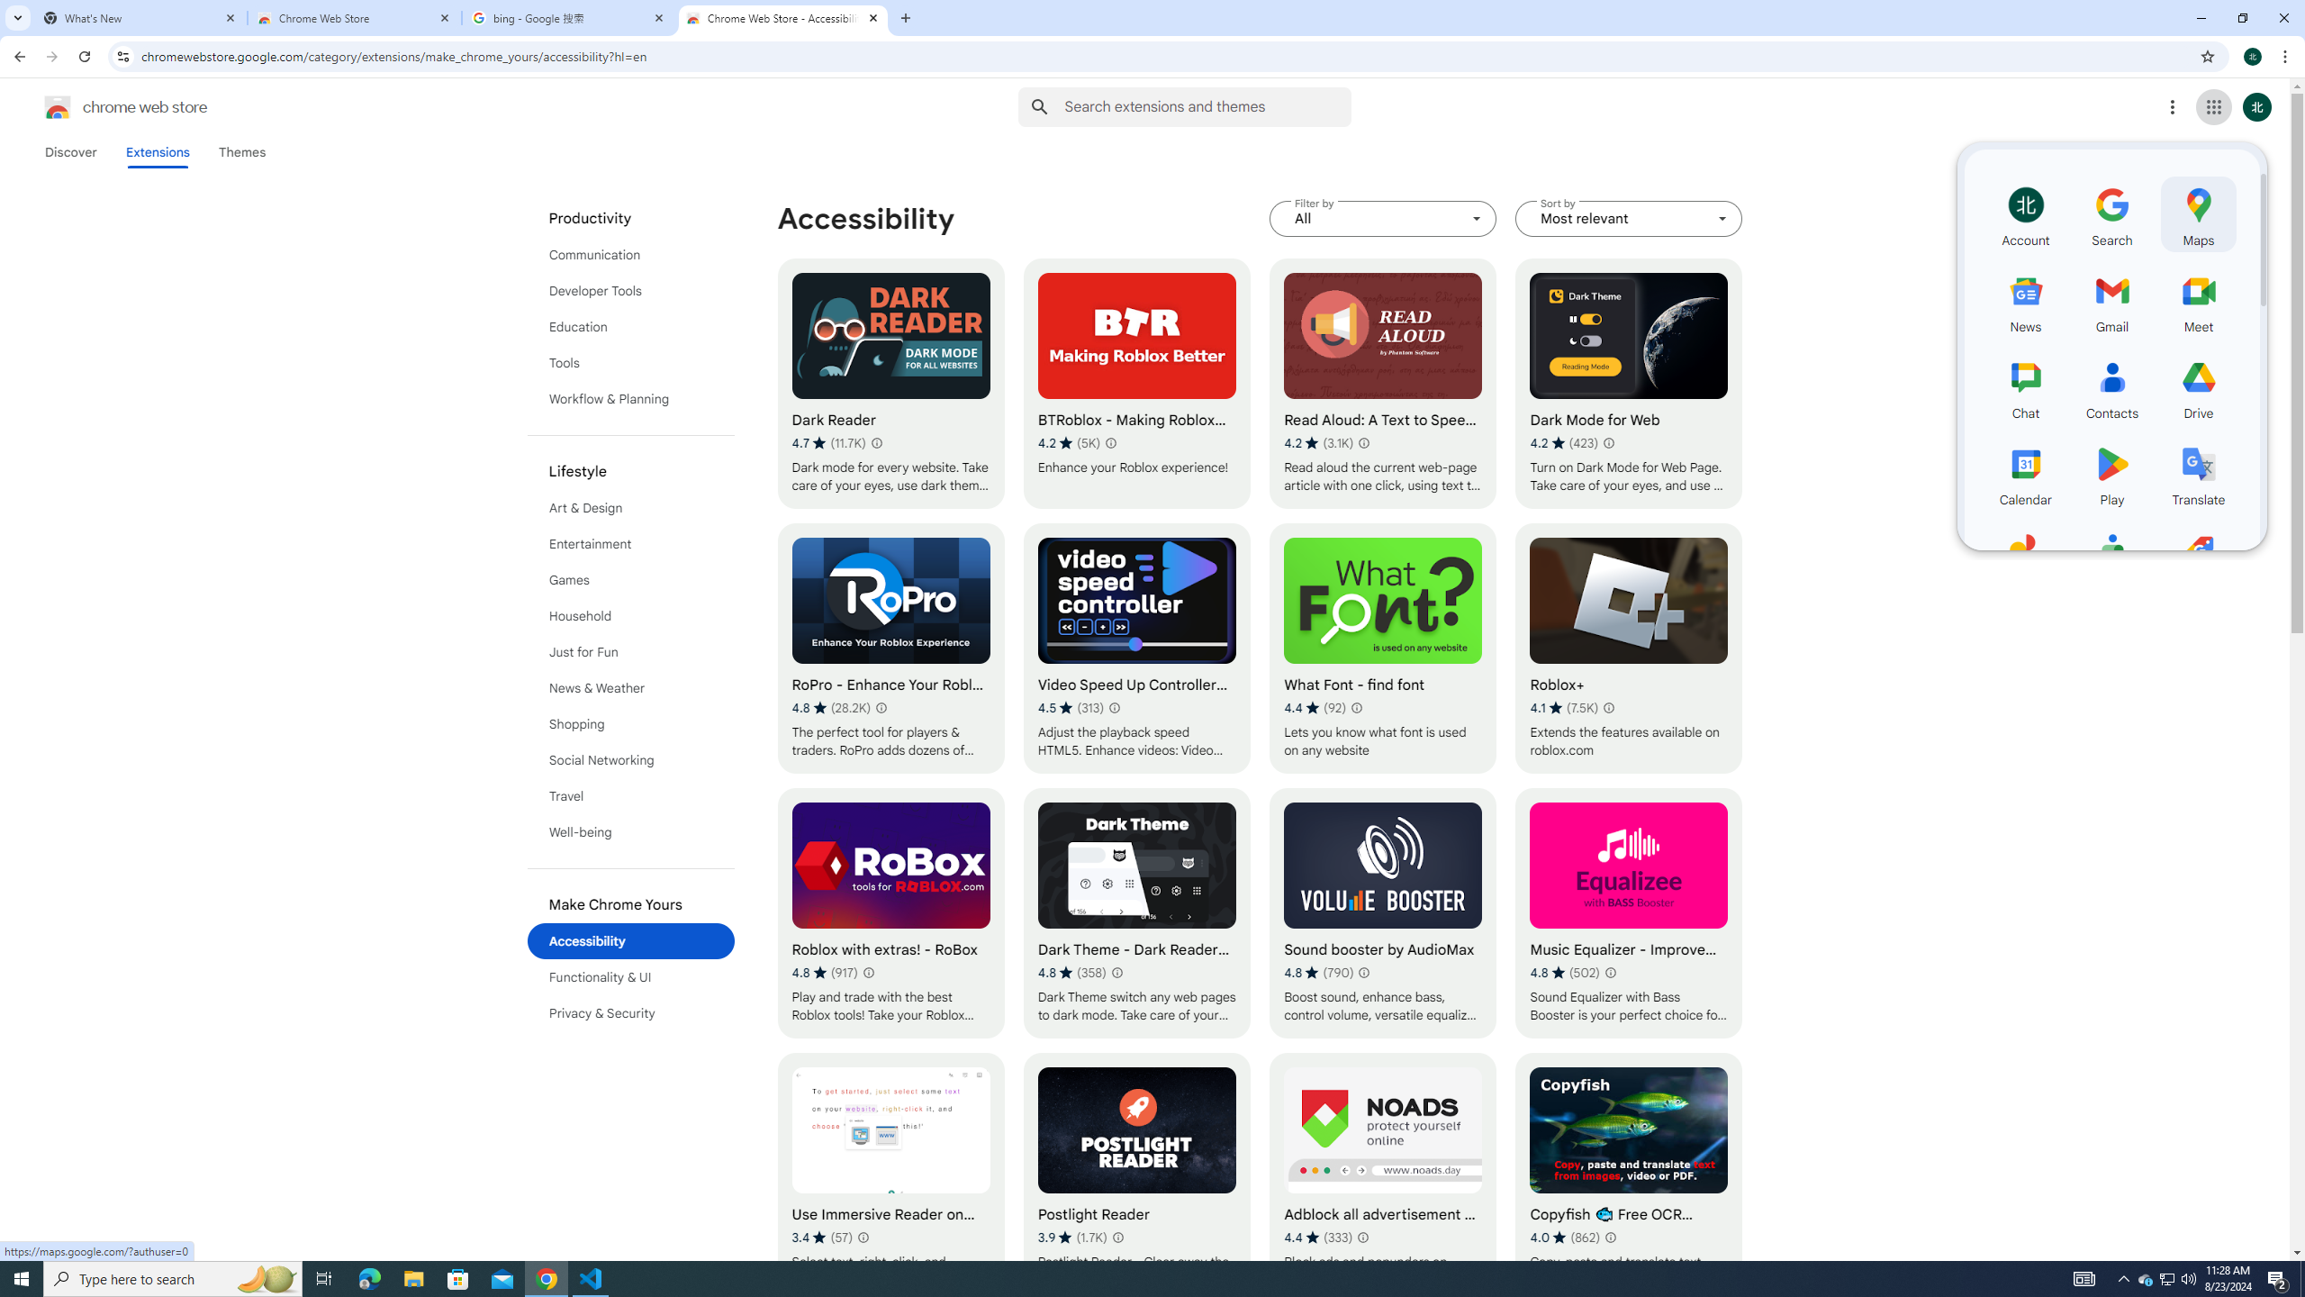  What do you see at coordinates (1565, 1236) in the screenshot?
I see `'Average rating 4.0 out of 5 stars. 862 ratings.'` at bounding box center [1565, 1236].